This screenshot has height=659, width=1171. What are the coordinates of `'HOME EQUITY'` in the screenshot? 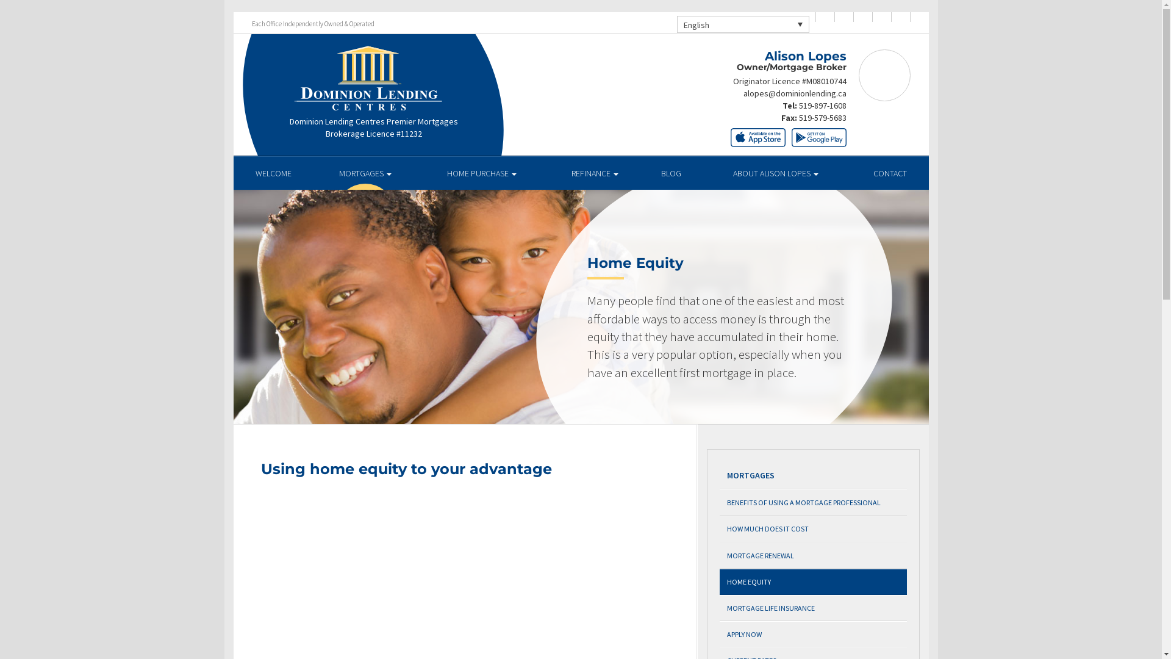 It's located at (813, 581).